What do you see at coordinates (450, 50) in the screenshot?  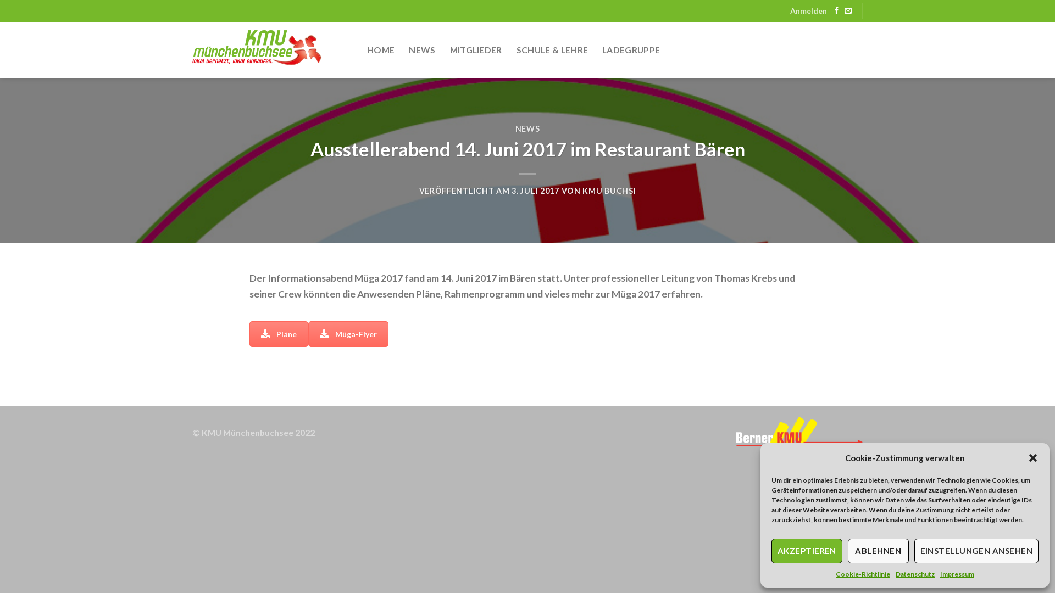 I see `'MITGLIEDER'` at bounding box center [450, 50].